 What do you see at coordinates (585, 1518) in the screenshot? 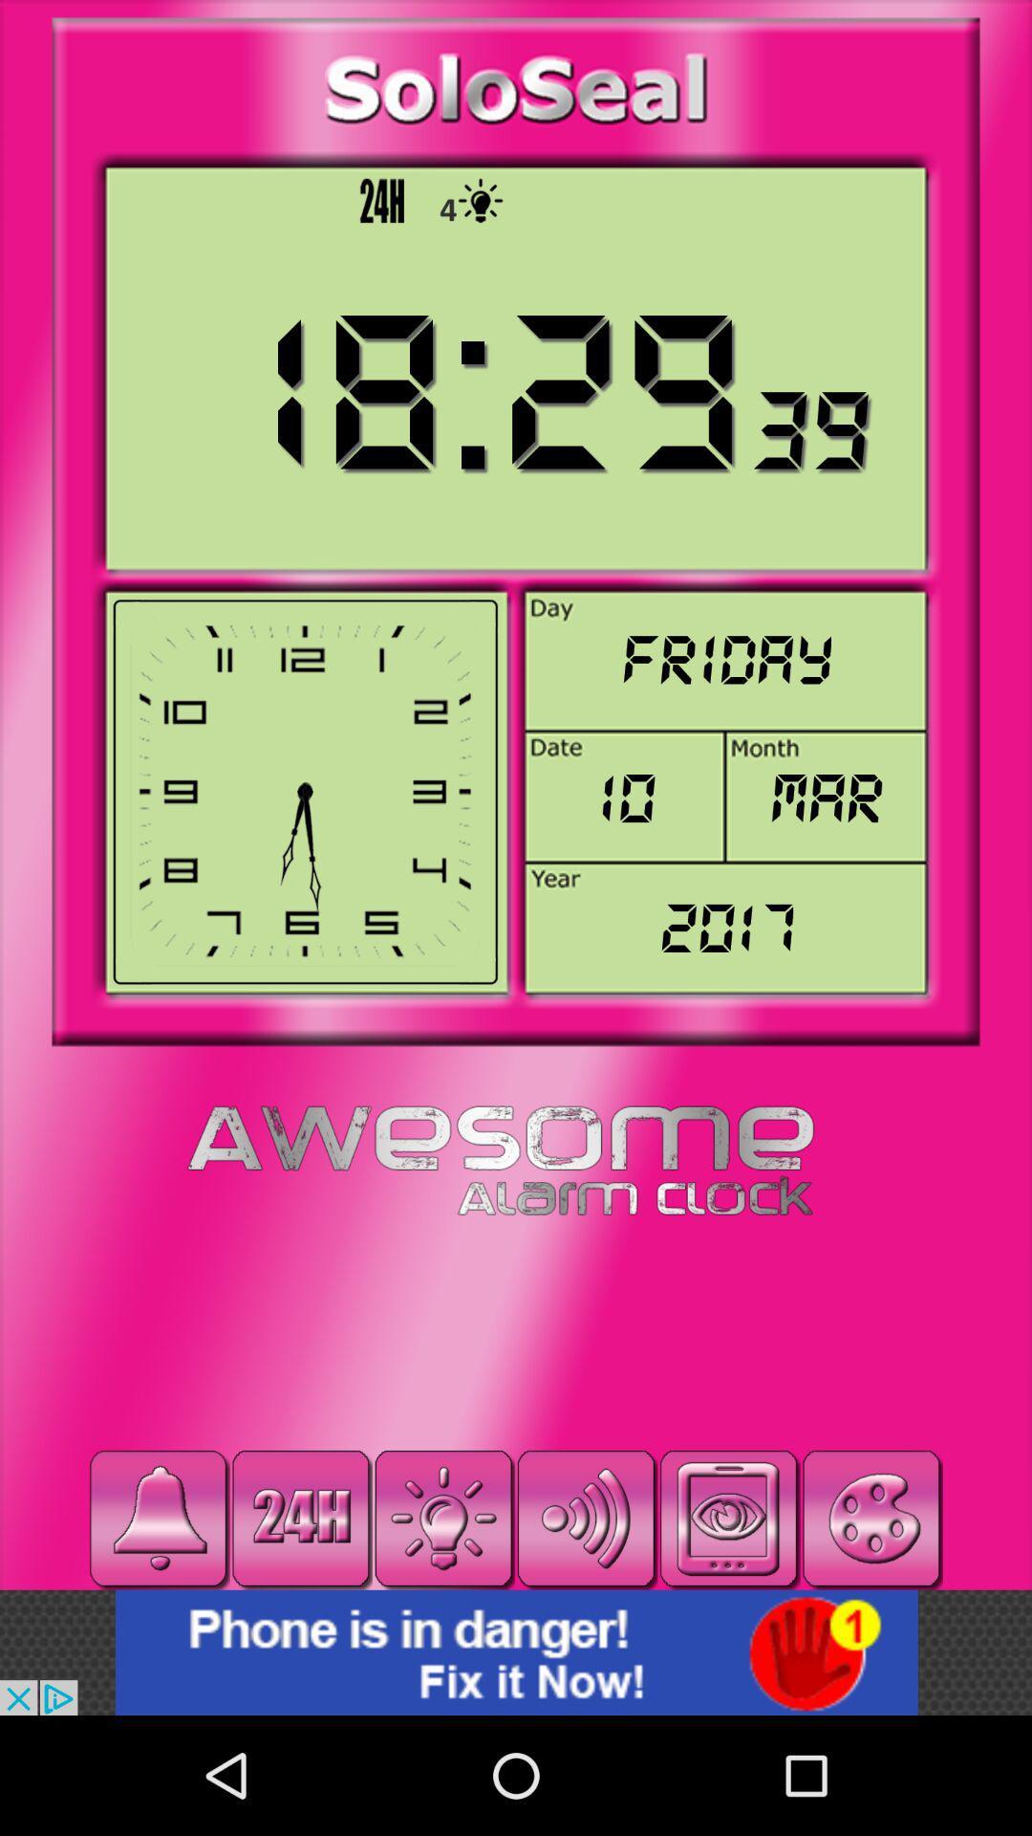
I see `wifi connection using` at bounding box center [585, 1518].